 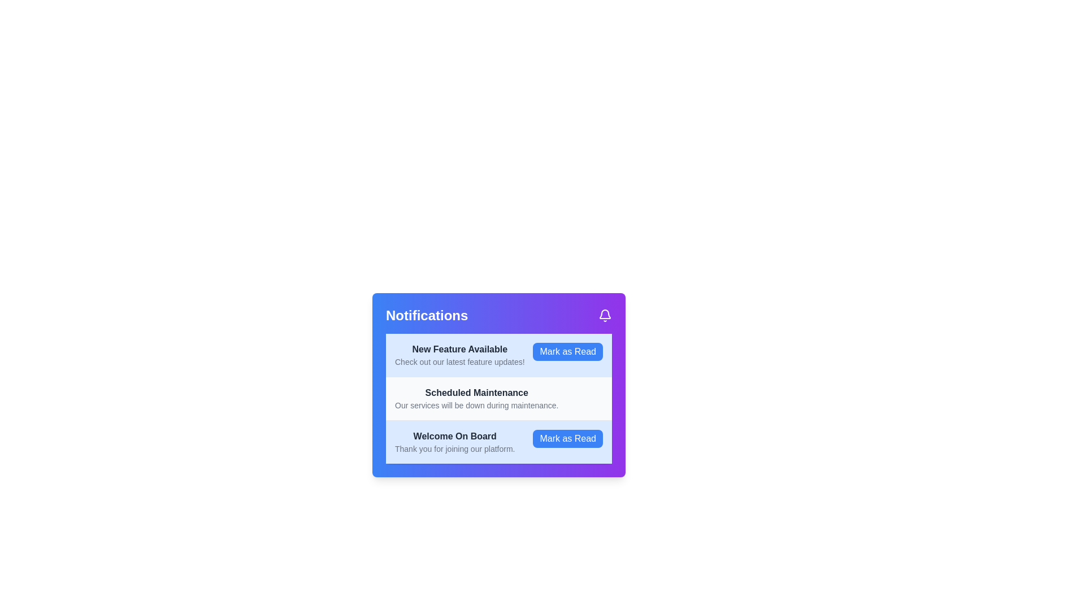 What do you see at coordinates (459, 348) in the screenshot?
I see `bold text 'New Feature Available' located at the top of the notification card, styled in dark gray on a blue-white background` at bounding box center [459, 348].